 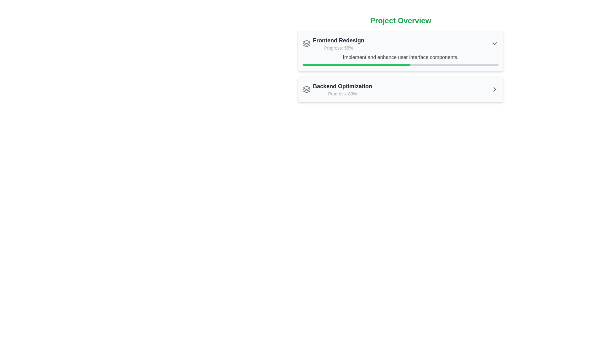 I want to click on the chevron icon button located at the far-right end of the 'Backend Optimization' section, so click(x=494, y=89).